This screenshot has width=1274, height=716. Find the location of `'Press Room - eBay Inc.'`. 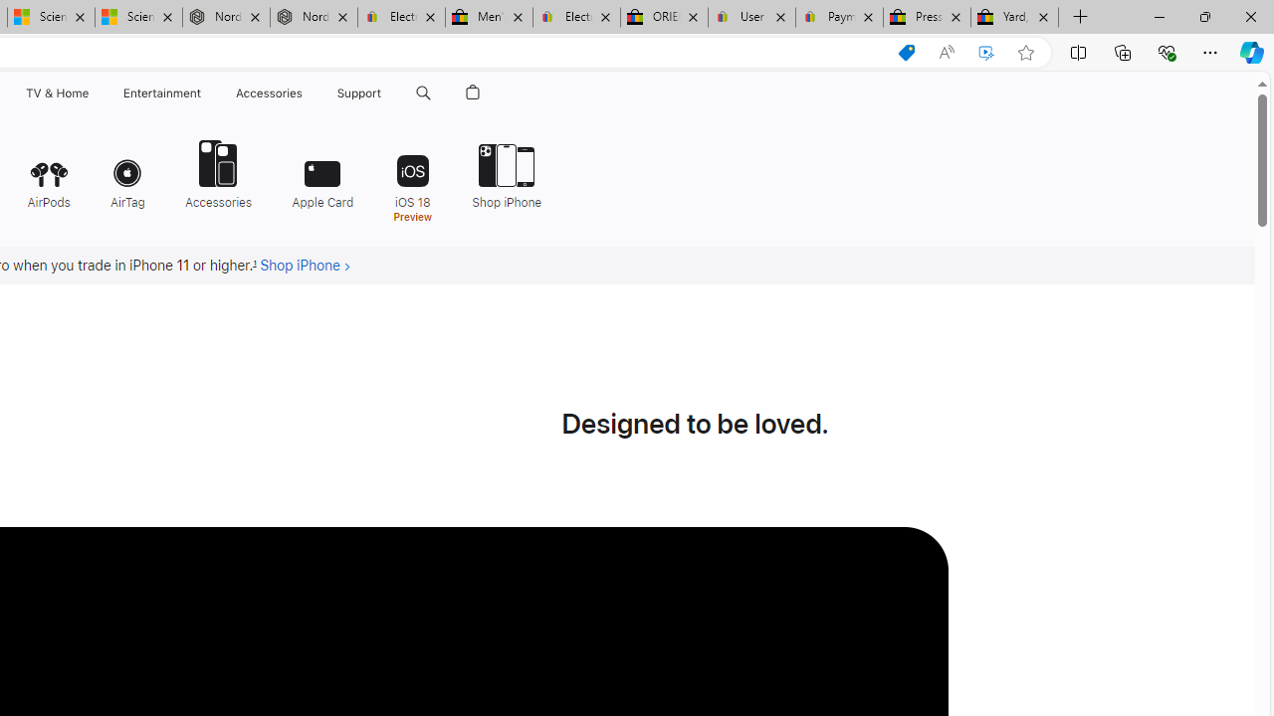

'Press Room - eBay Inc.' is located at coordinates (926, 17).